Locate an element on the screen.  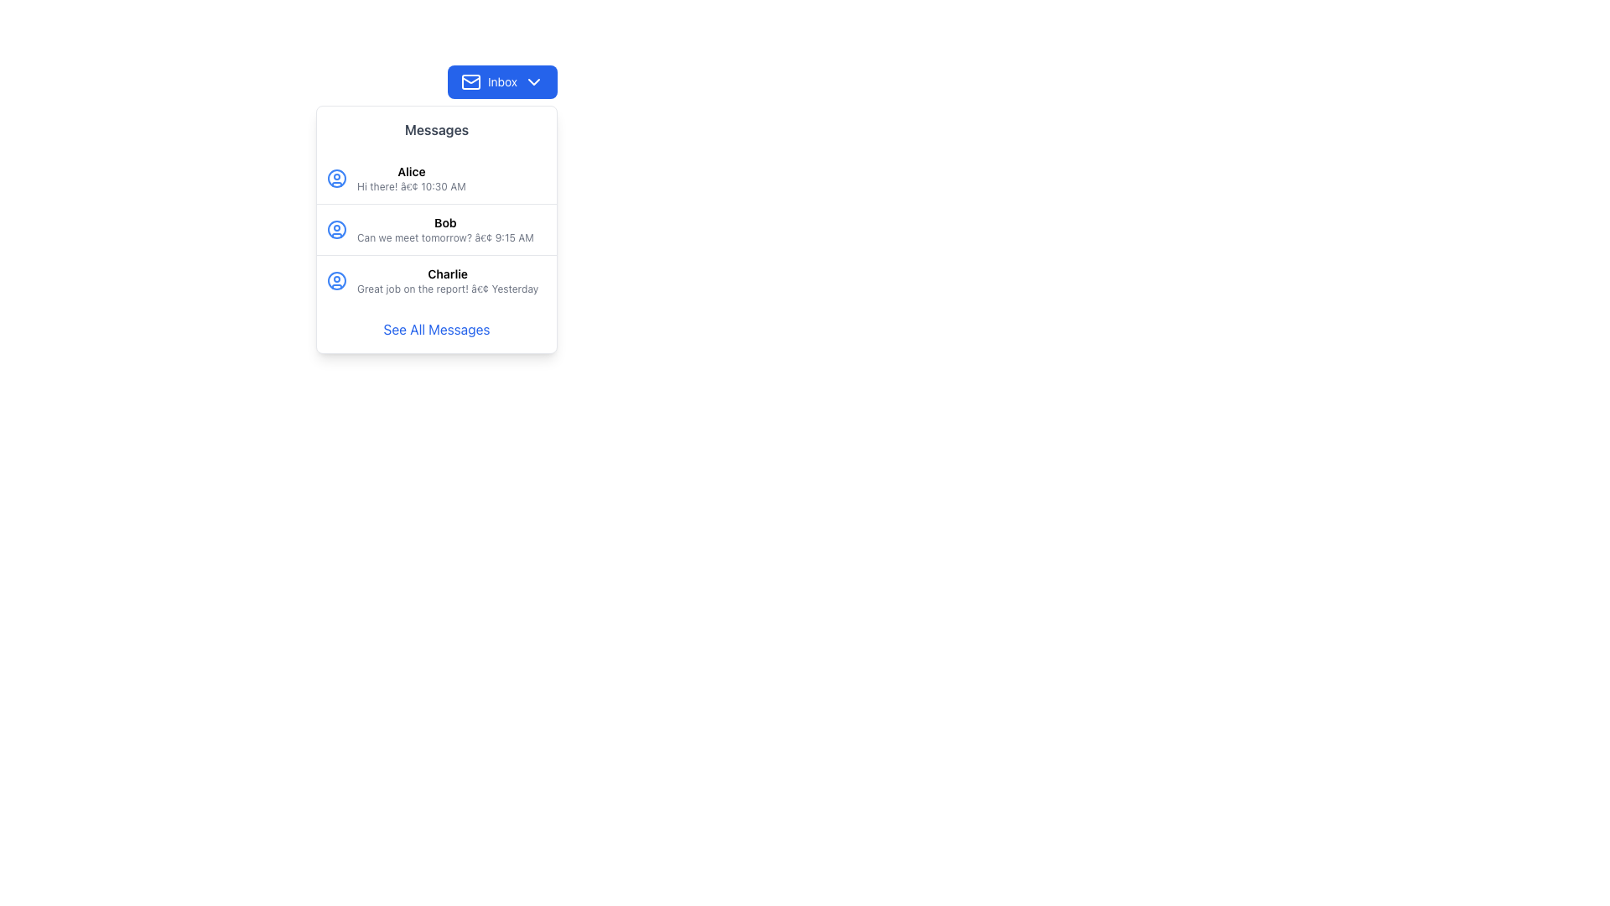
the Message preview item that displays 'Bob' in bold font and the message snippet 'Can we meet tomorrow?' is located at coordinates (445, 229).